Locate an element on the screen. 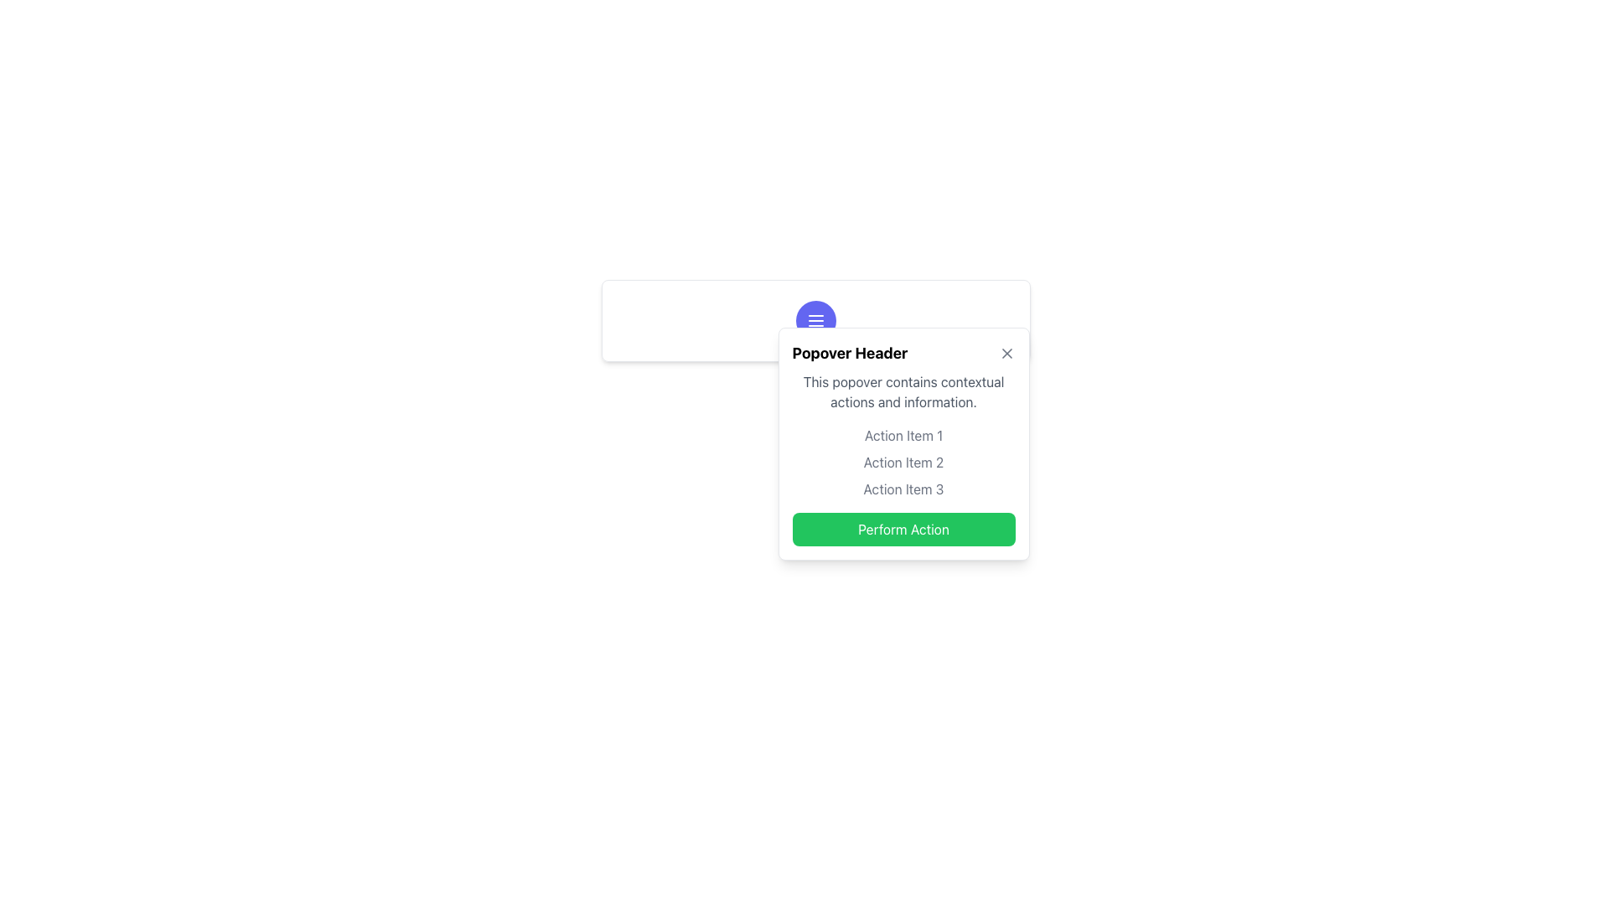  the third selectable action item in the popover, located below the header 'Popover Header' and above the green button 'Perform Action' is located at coordinates (903, 489).